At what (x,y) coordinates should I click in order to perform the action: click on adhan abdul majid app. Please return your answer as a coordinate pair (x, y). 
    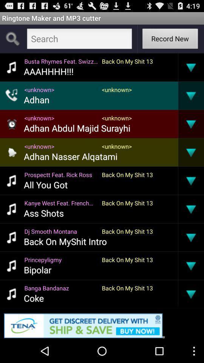
    Looking at the image, I should click on (77, 128).